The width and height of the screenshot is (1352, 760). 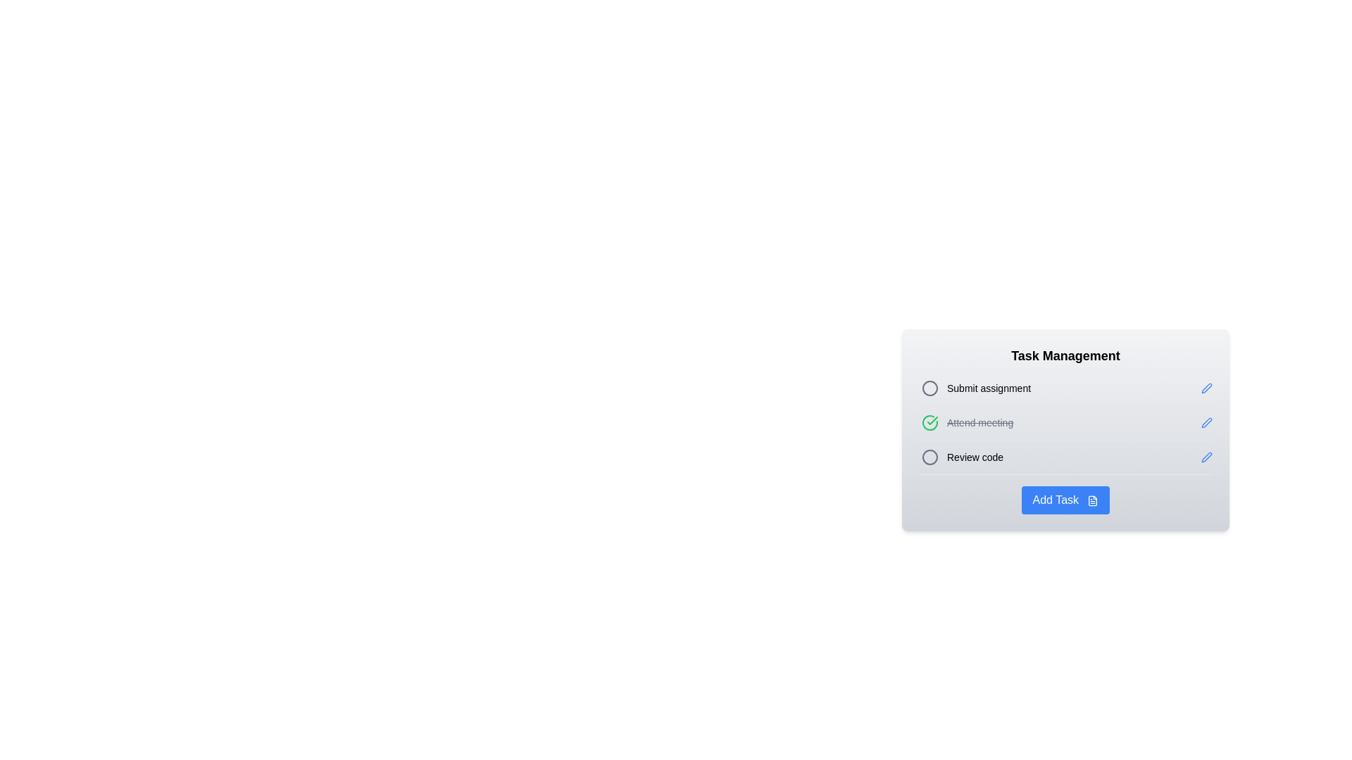 What do you see at coordinates (930, 388) in the screenshot?
I see `the circular icon at the beginning of the first task in the 'Task Management' section` at bounding box center [930, 388].